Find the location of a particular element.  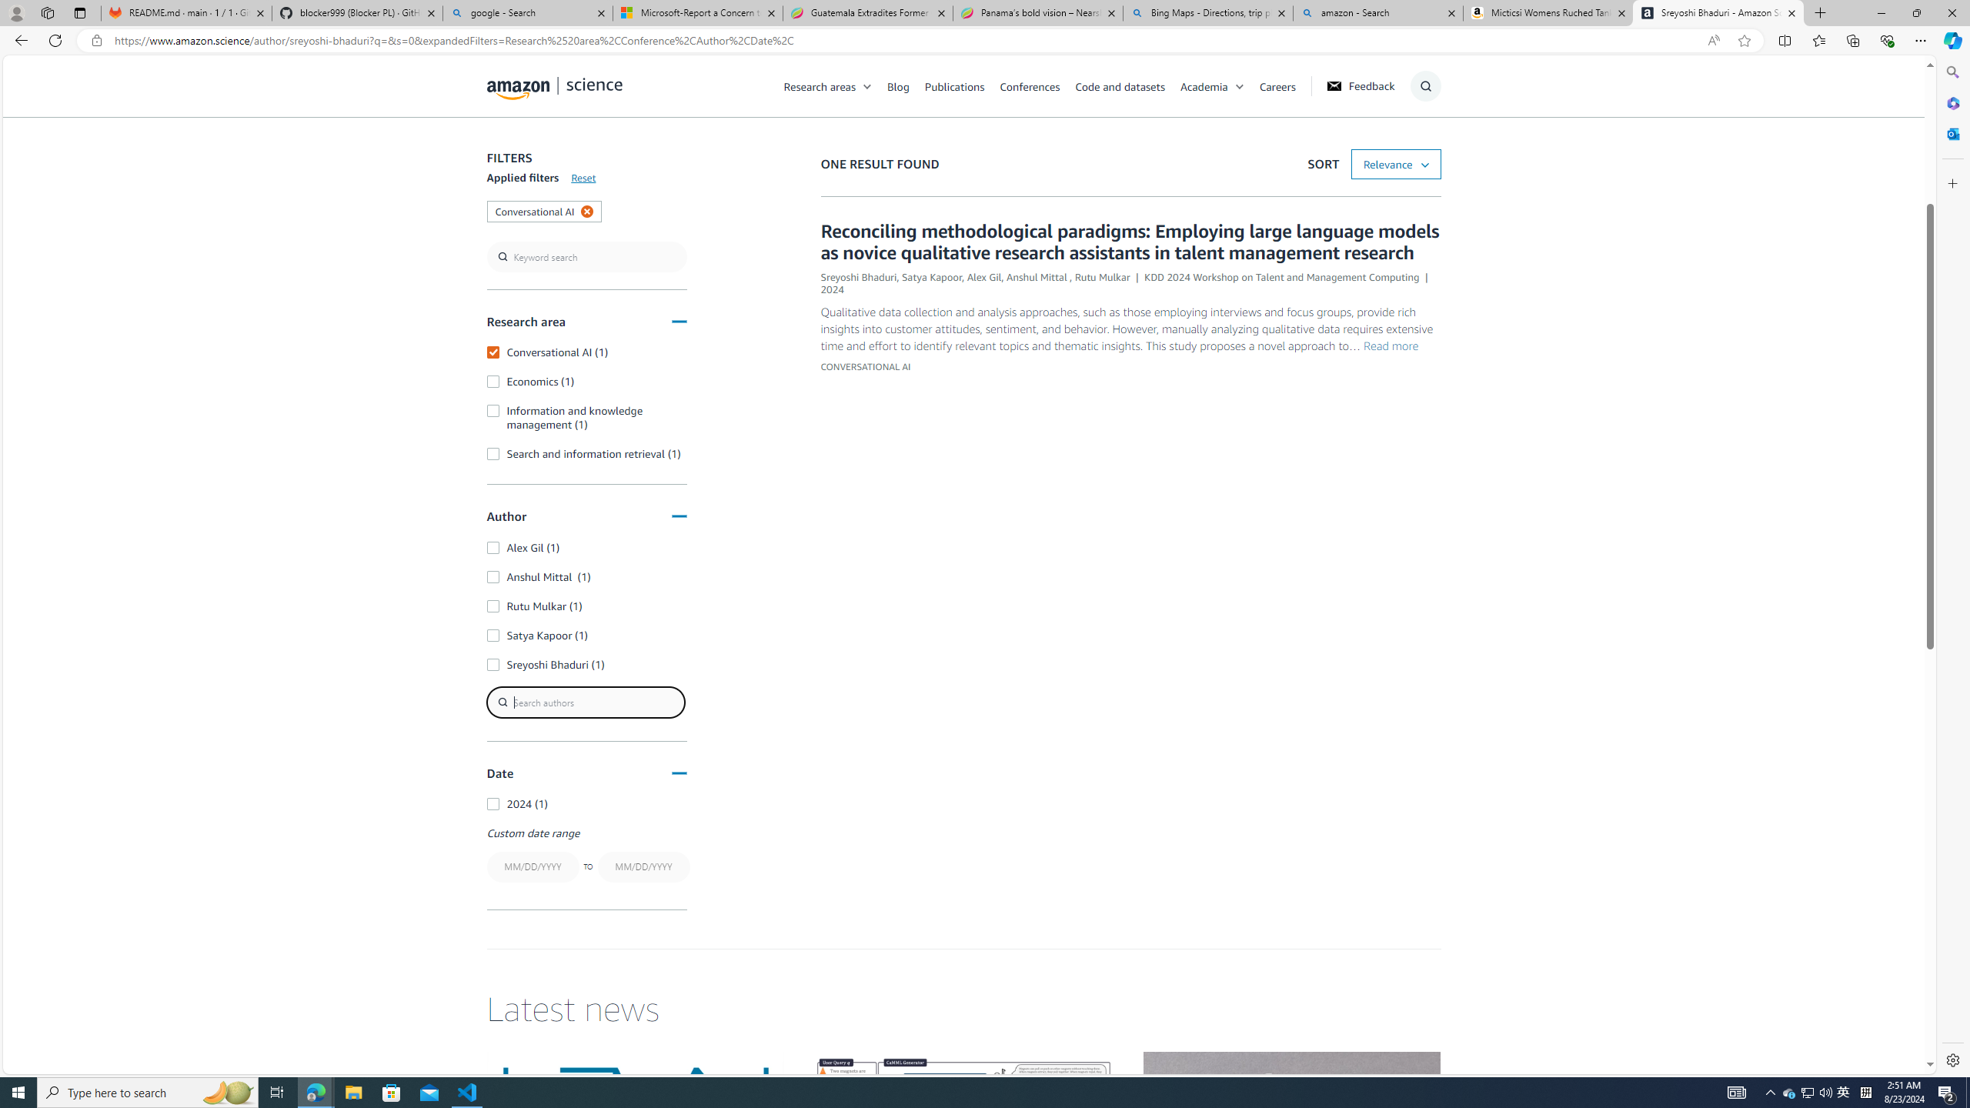

'Custom date rangeTO' is located at coordinates (586, 855).